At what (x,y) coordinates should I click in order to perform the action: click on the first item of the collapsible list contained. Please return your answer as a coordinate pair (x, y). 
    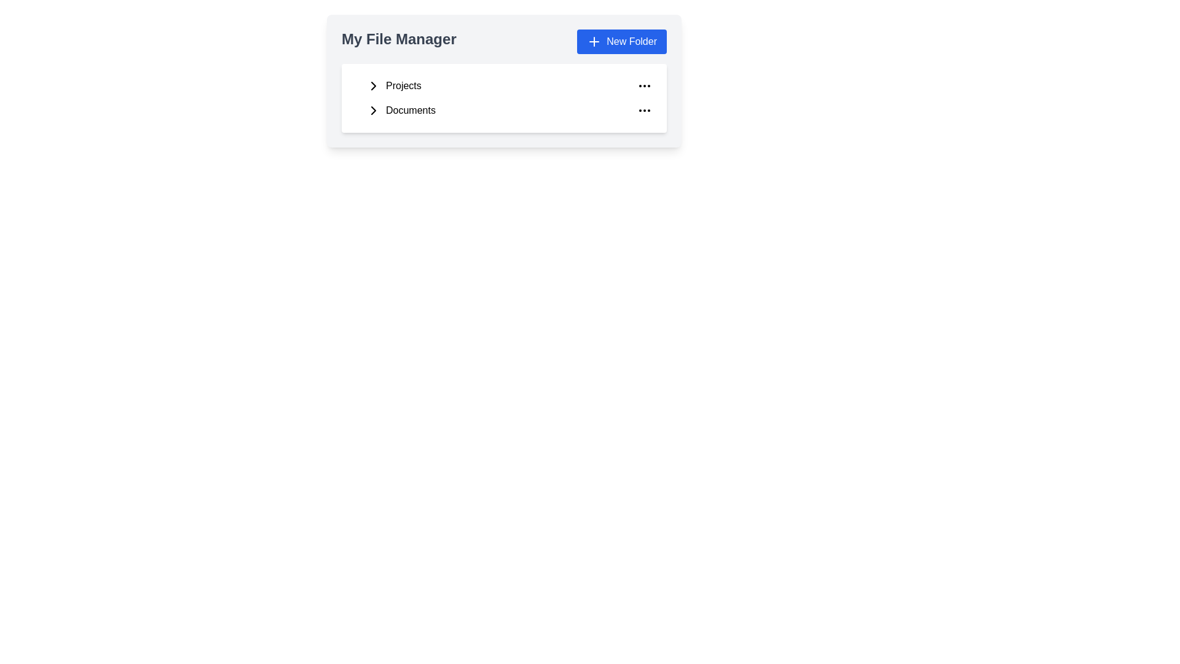
    Looking at the image, I should click on (504, 85).